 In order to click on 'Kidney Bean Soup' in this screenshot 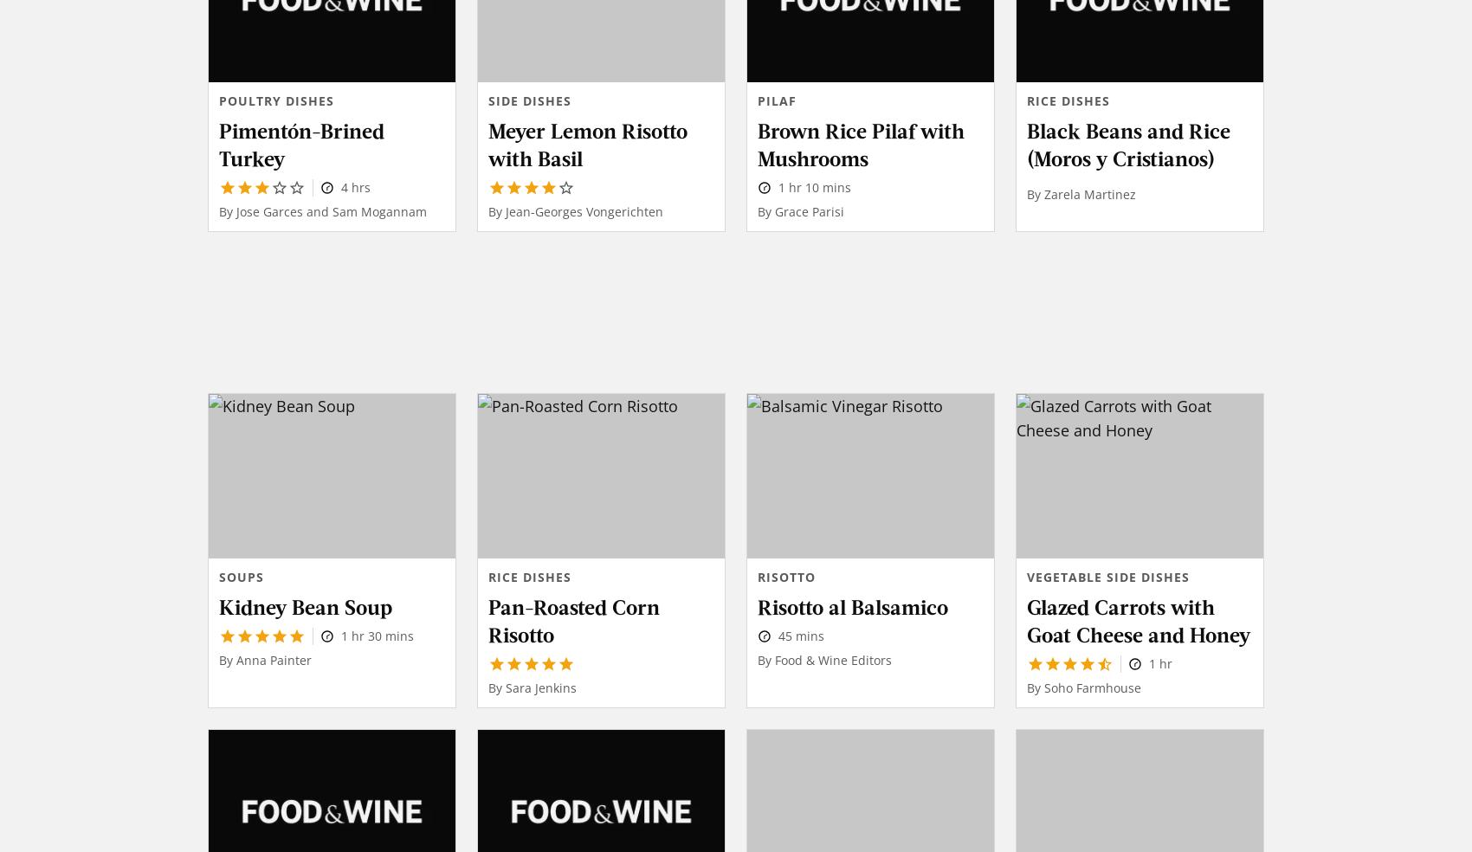, I will do `click(304, 605)`.